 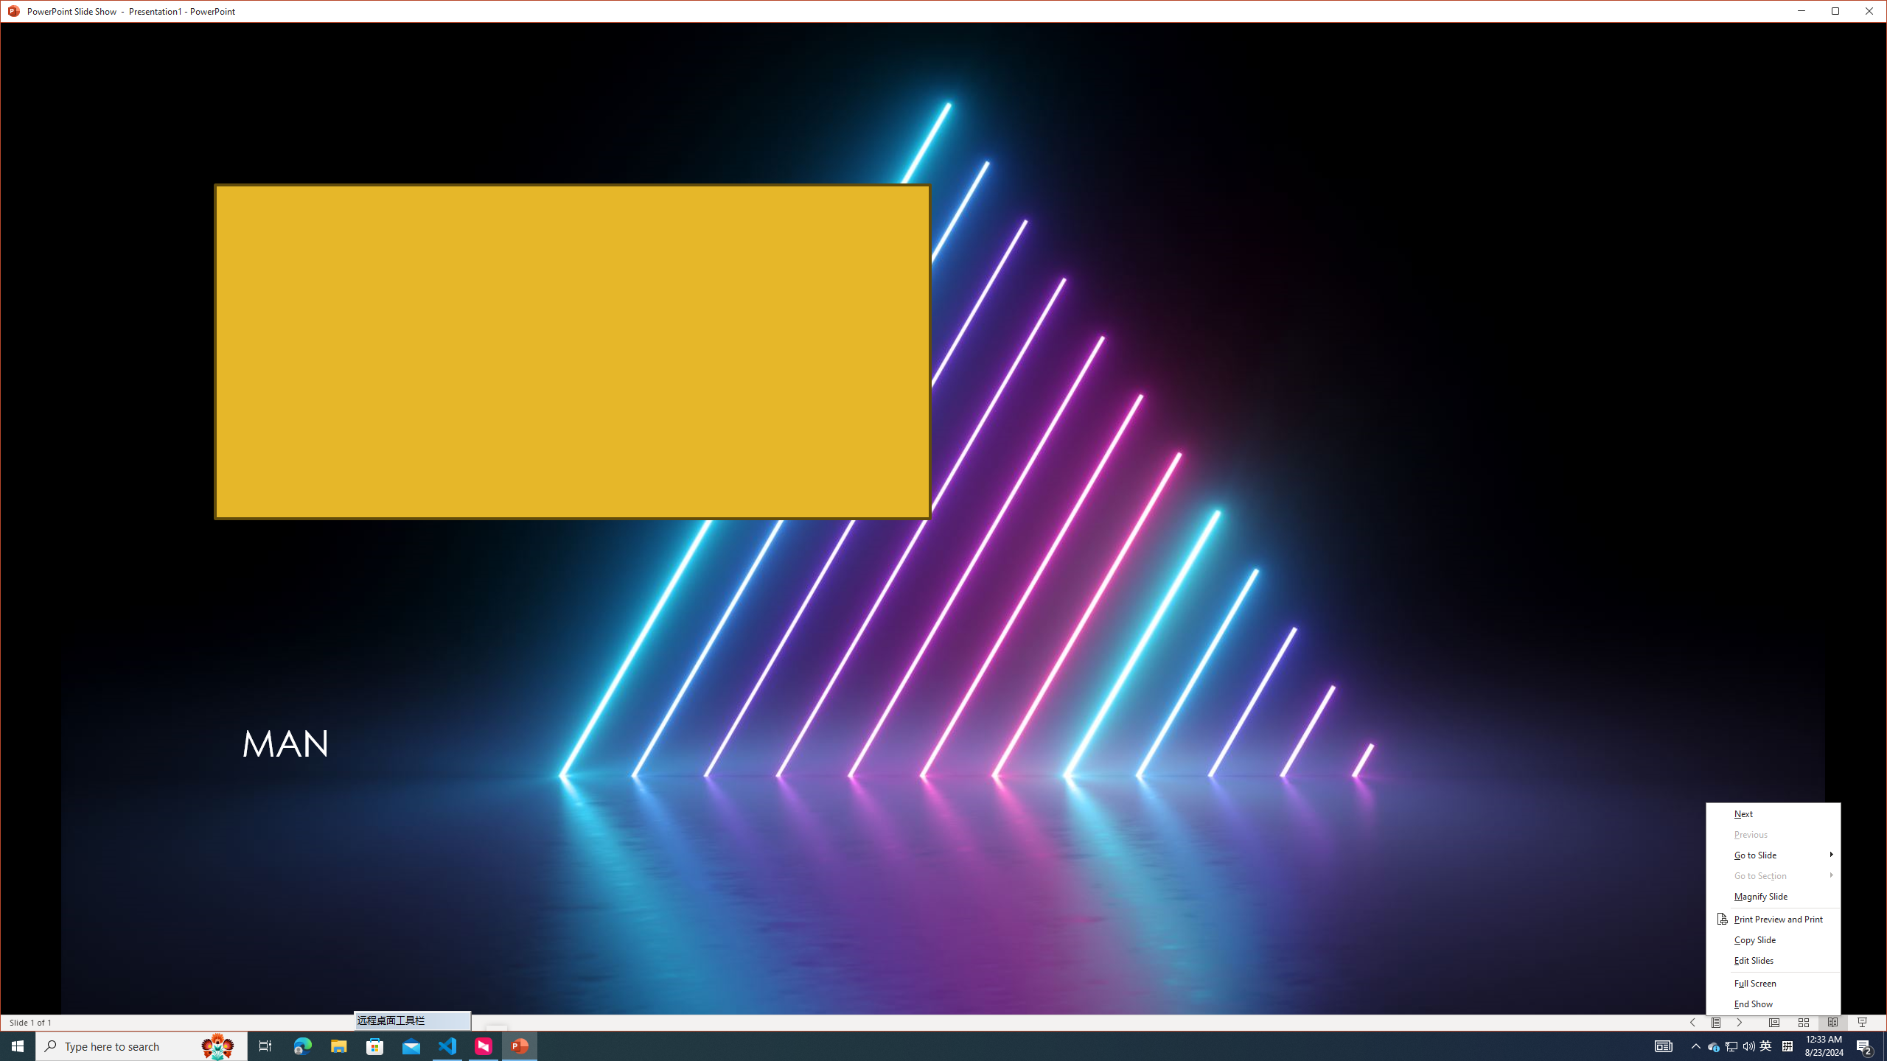 What do you see at coordinates (1773, 908) in the screenshot?
I see `'Class: NetUITWMenuContainer'` at bounding box center [1773, 908].